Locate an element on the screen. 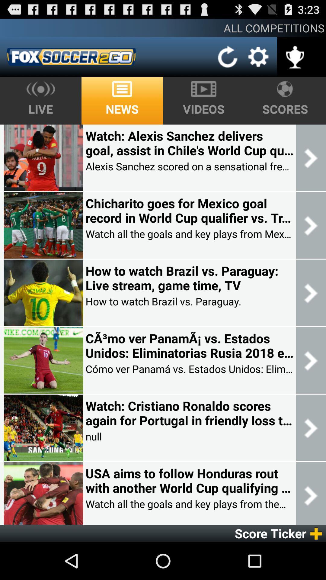  app below all competitions app is located at coordinates (71, 57).